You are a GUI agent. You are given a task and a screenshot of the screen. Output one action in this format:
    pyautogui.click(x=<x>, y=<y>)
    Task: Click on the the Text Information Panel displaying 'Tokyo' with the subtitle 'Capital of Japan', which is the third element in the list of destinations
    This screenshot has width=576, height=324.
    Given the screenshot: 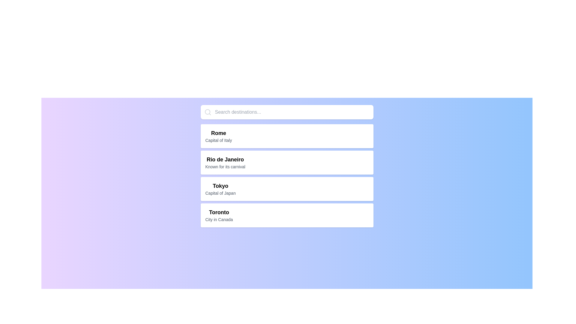 What is the action you would take?
    pyautogui.click(x=220, y=188)
    